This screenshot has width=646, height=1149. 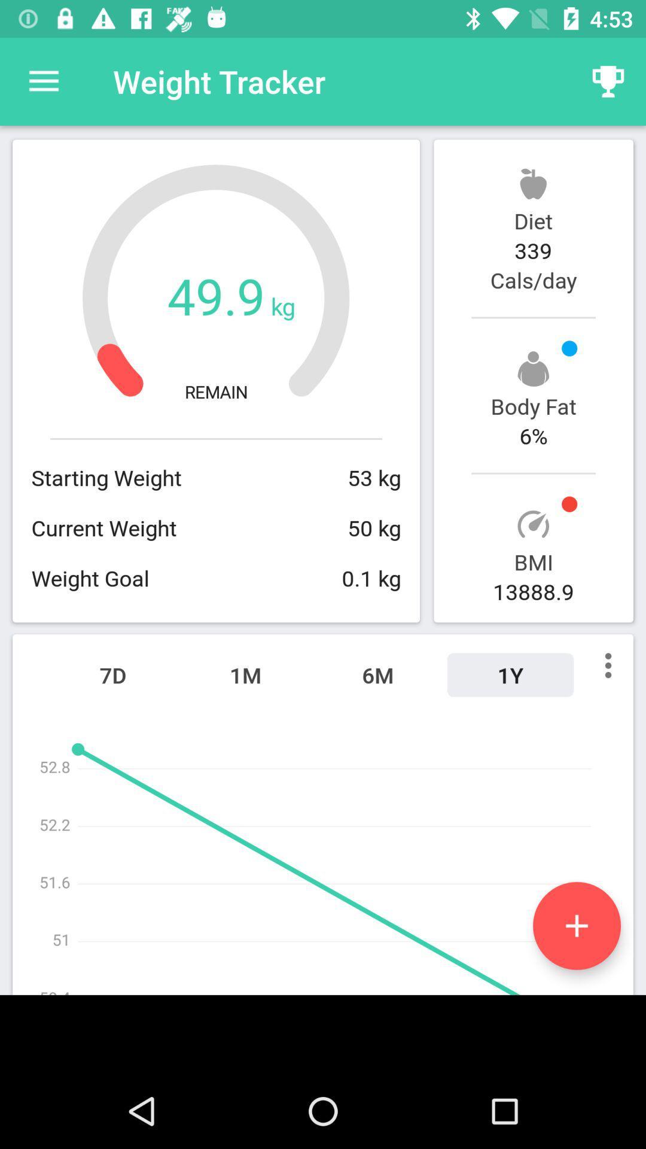 What do you see at coordinates (576, 925) in the screenshot?
I see `set new weight objective` at bounding box center [576, 925].